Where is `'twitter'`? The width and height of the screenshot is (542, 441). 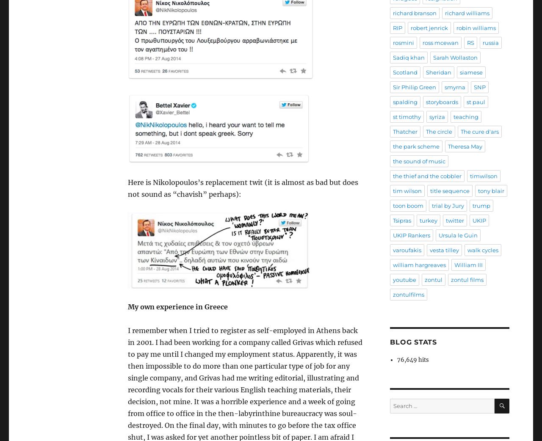
'twitter' is located at coordinates (445, 220).